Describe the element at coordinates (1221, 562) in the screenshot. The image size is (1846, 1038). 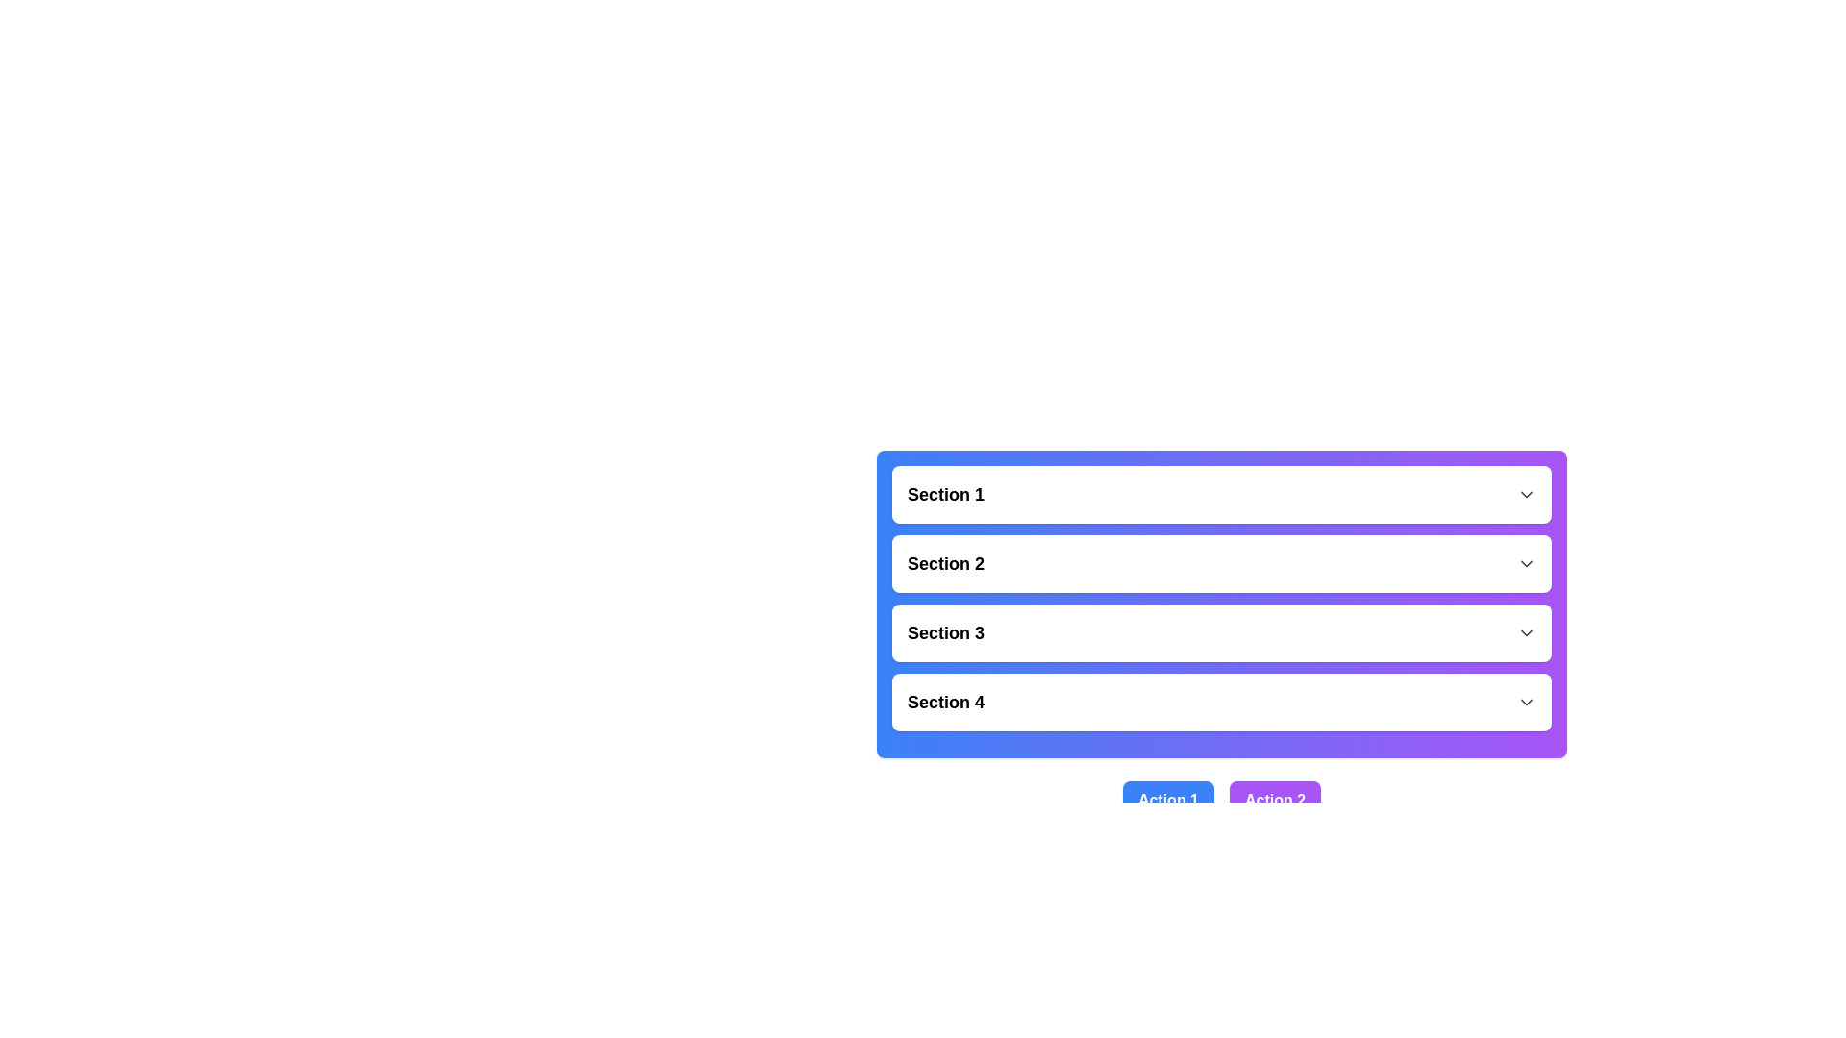
I see `the CollapsibleHeader, which is the second item in a vertical list labeled 'Section 2'` at that location.